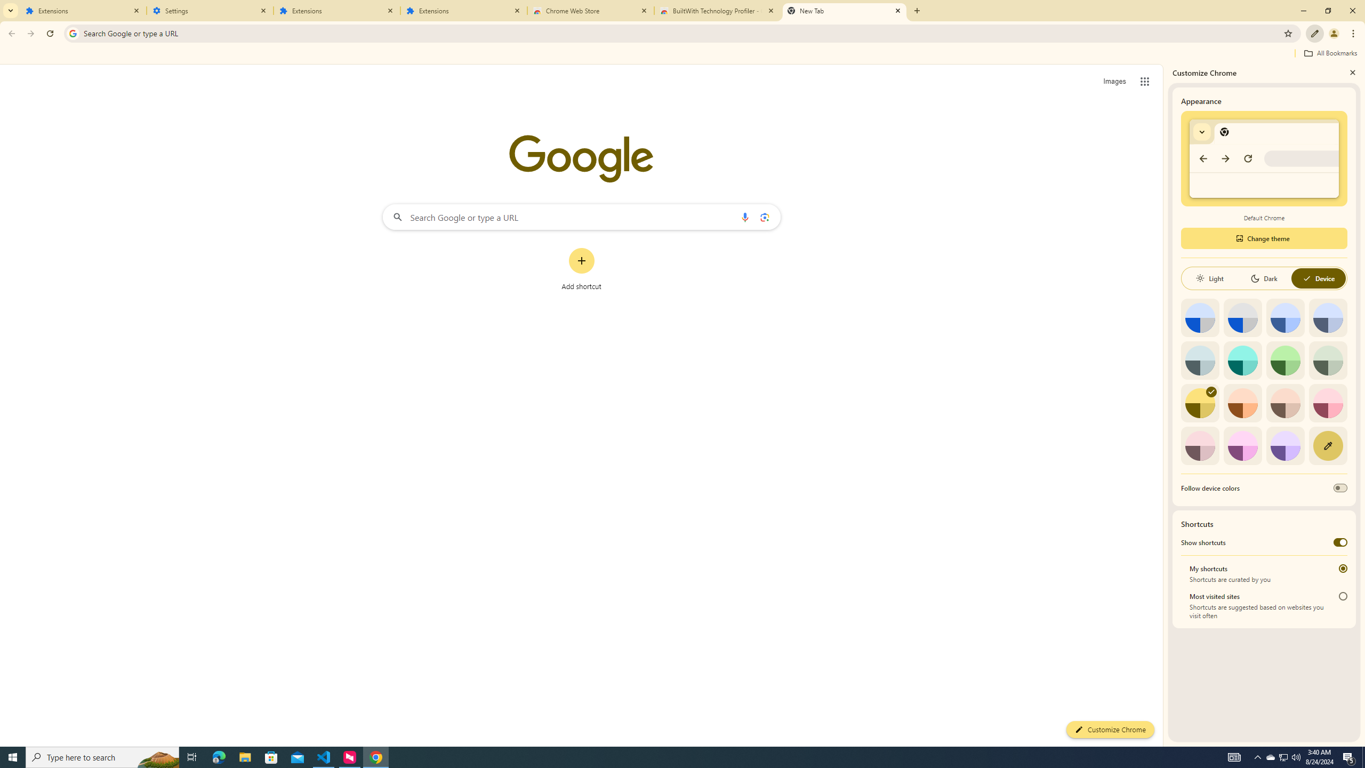 This screenshot has width=1365, height=768. Describe the element at coordinates (1200, 359) in the screenshot. I see `'Grey'` at that location.